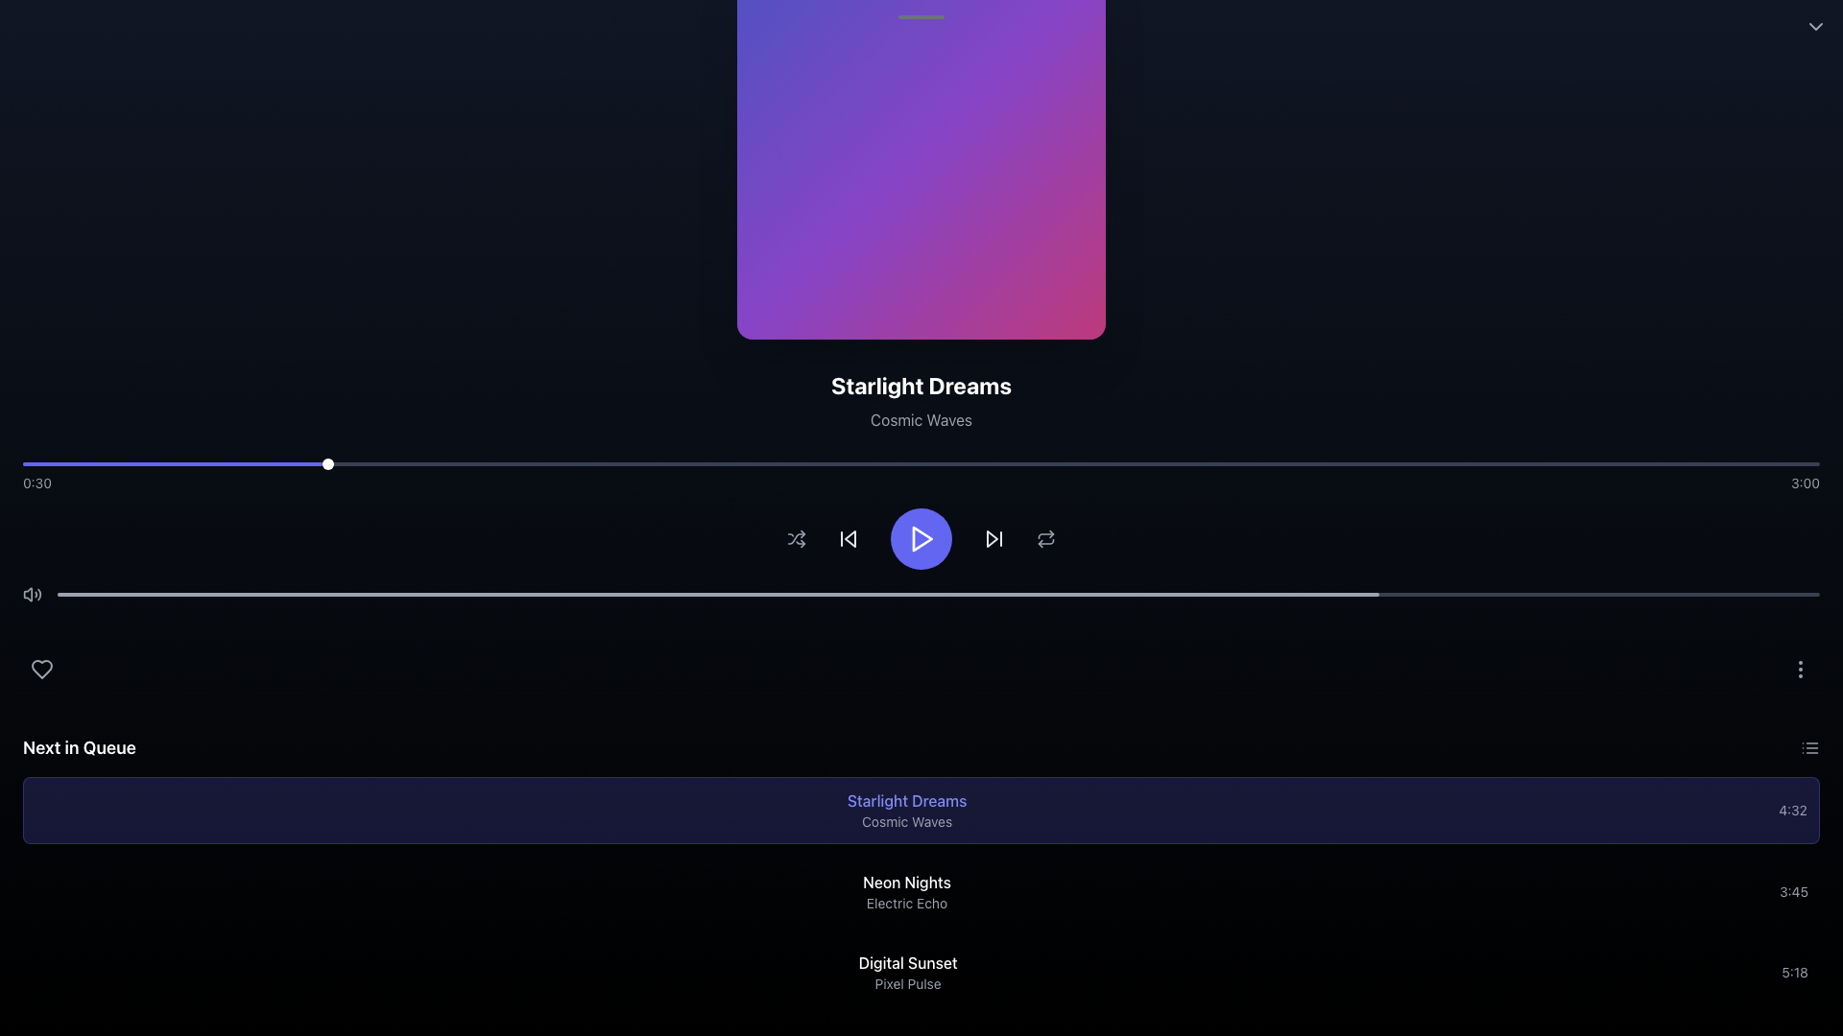 This screenshot has height=1036, width=1843. Describe the element at coordinates (203, 463) in the screenshot. I see `progress` at that location.